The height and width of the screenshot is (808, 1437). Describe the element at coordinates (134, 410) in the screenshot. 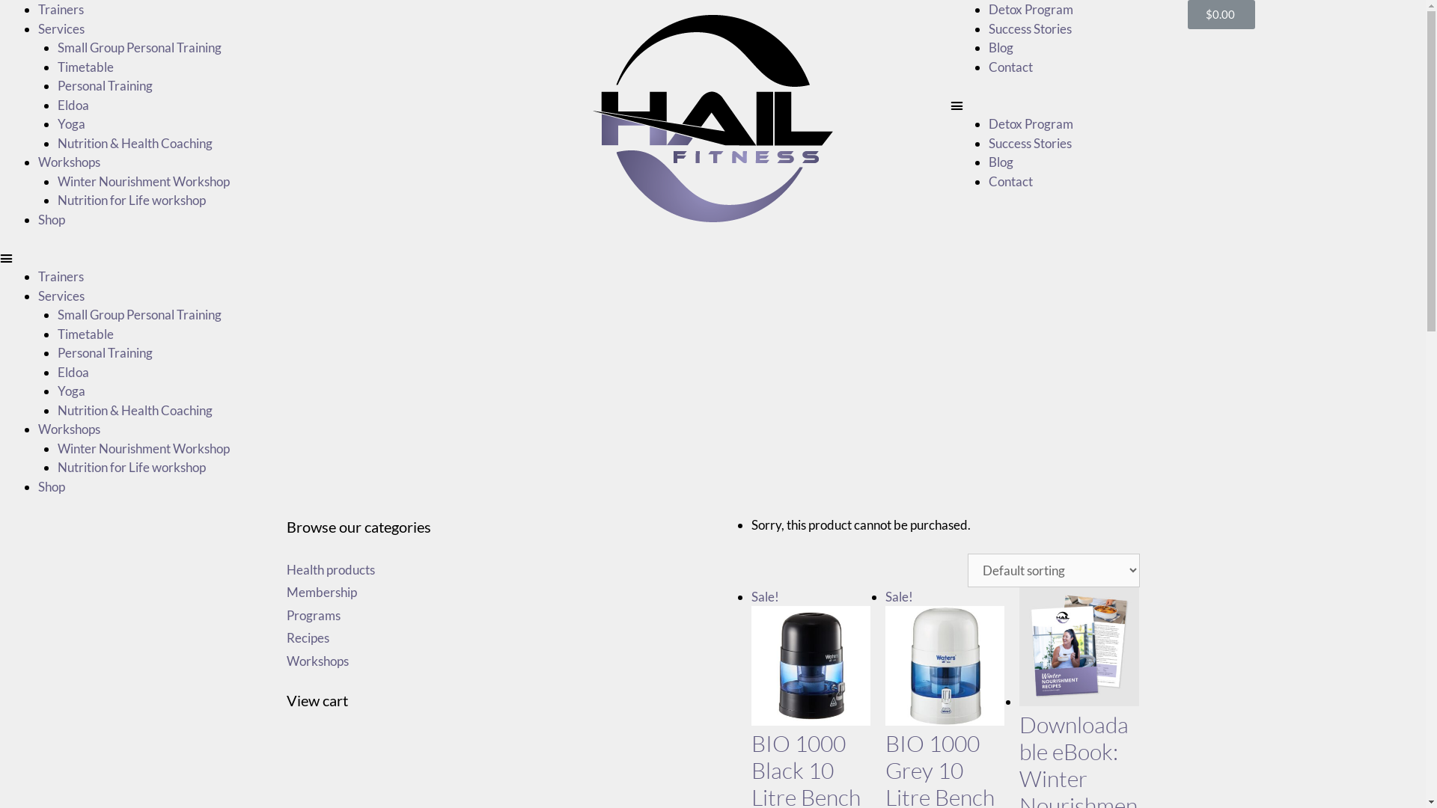

I see `'Nutrition & Health Coaching'` at that location.